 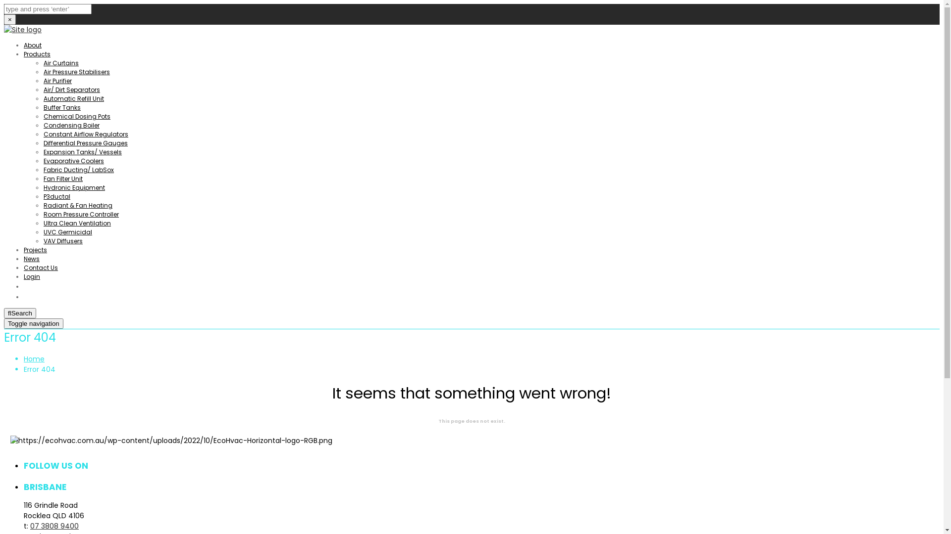 What do you see at coordinates (43, 80) in the screenshot?
I see `'Air Purifier'` at bounding box center [43, 80].